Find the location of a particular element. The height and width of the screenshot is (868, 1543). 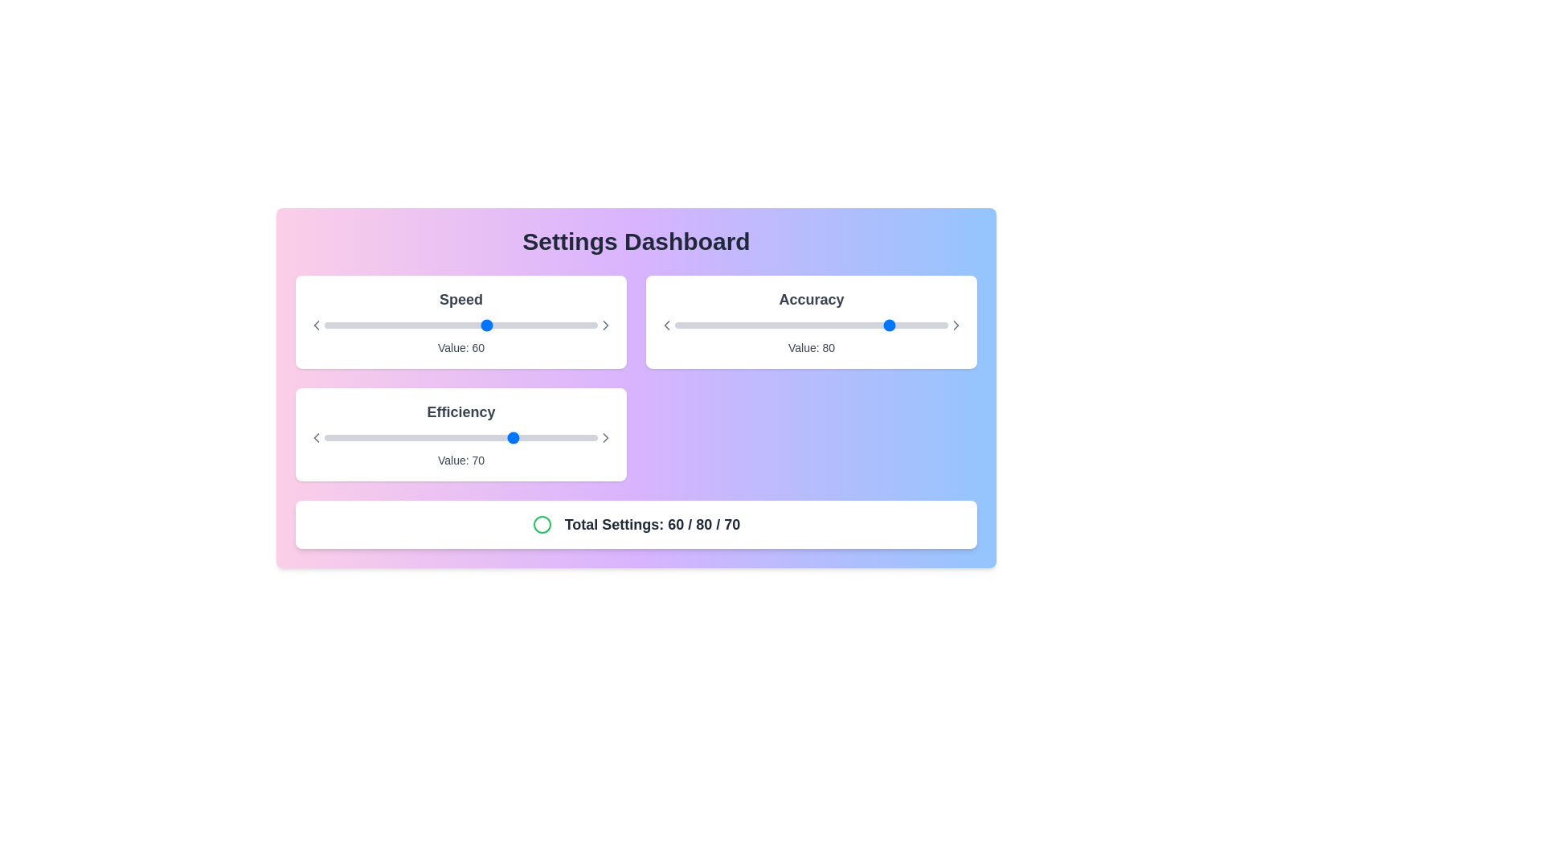

the slider is located at coordinates (556, 325).